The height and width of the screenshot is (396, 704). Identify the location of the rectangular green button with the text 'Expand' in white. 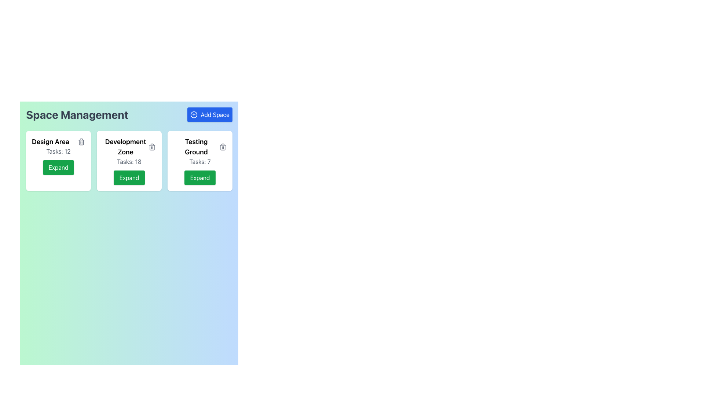
(200, 178).